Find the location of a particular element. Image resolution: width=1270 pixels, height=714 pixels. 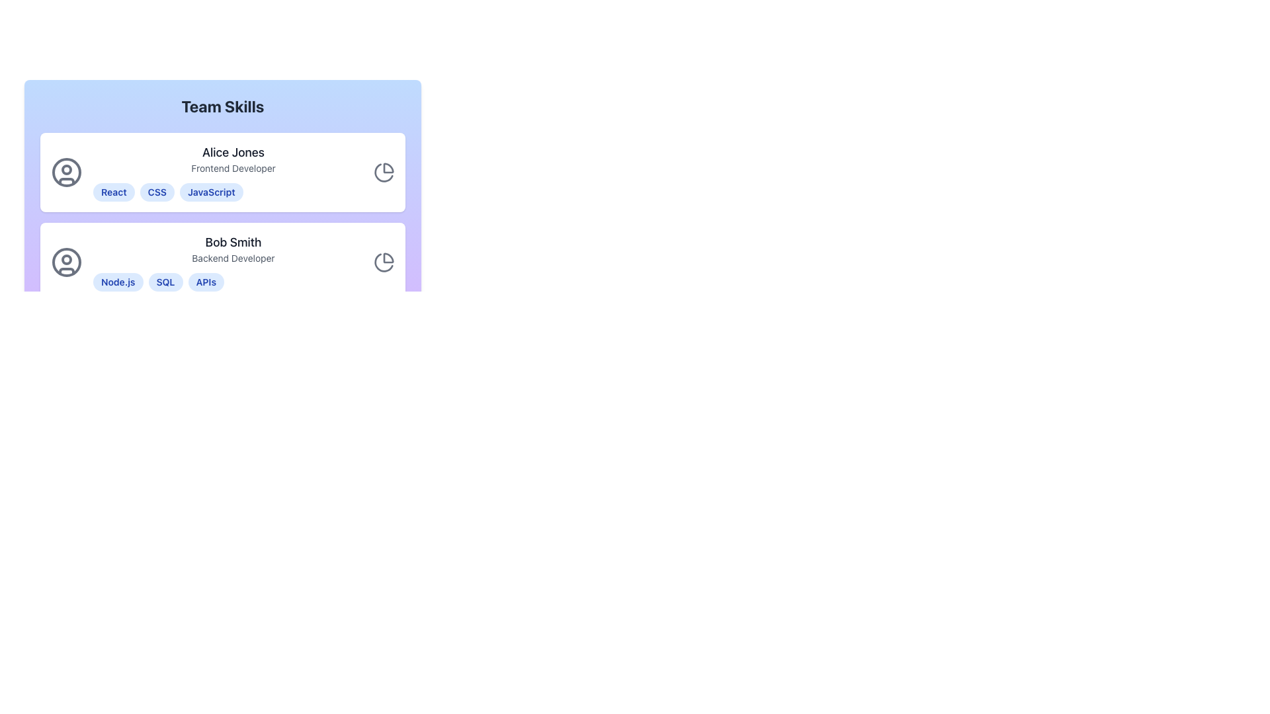

the curved line element at the bottom of the user profile icon for 'Bob Smith' in the second row of the interface is located at coordinates (65, 270).